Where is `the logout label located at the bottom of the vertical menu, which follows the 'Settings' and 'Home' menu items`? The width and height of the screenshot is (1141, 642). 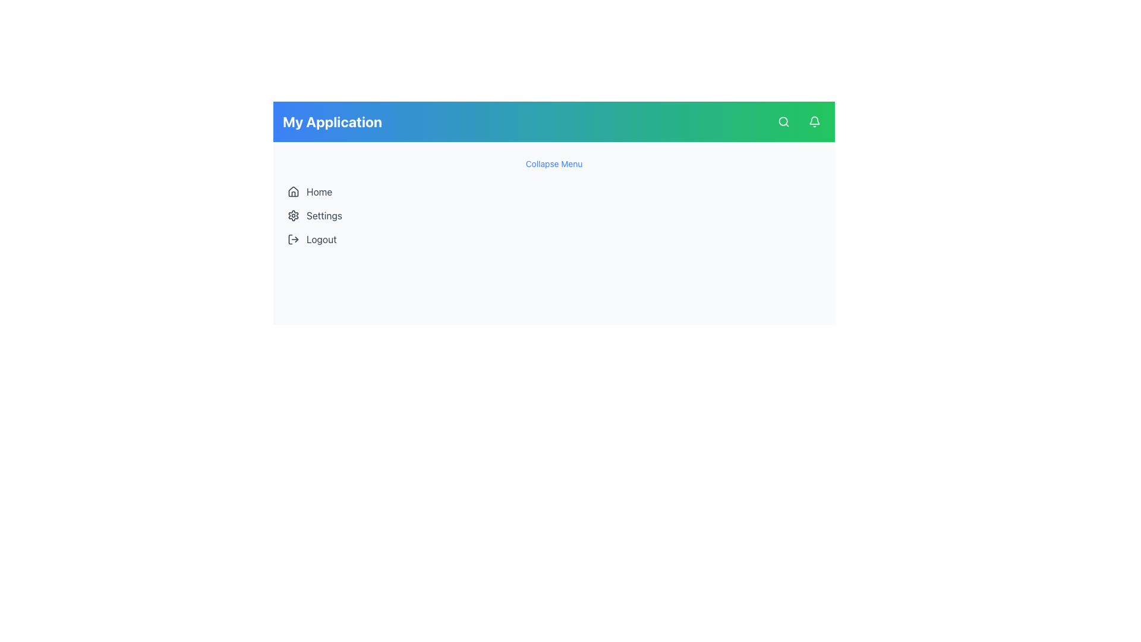
the logout label located at the bottom of the vertical menu, which follows the 'Settings' and 'Home' menu items is located at coordinates (322, 239).